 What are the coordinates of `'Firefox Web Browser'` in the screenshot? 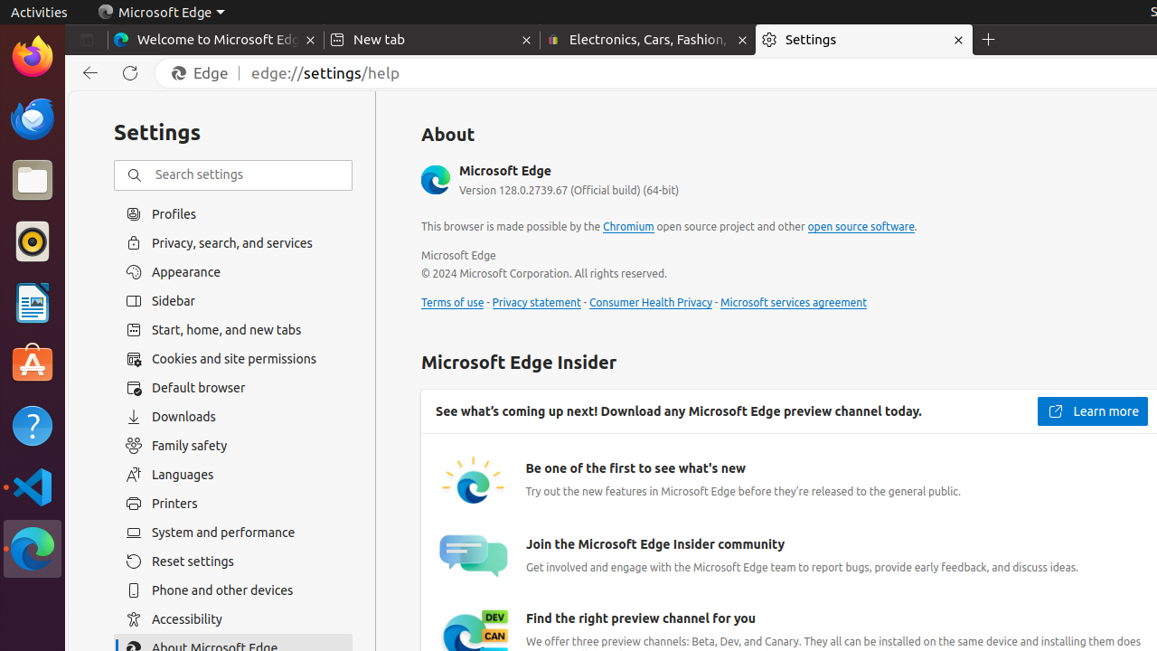 It's located at (32, 55).